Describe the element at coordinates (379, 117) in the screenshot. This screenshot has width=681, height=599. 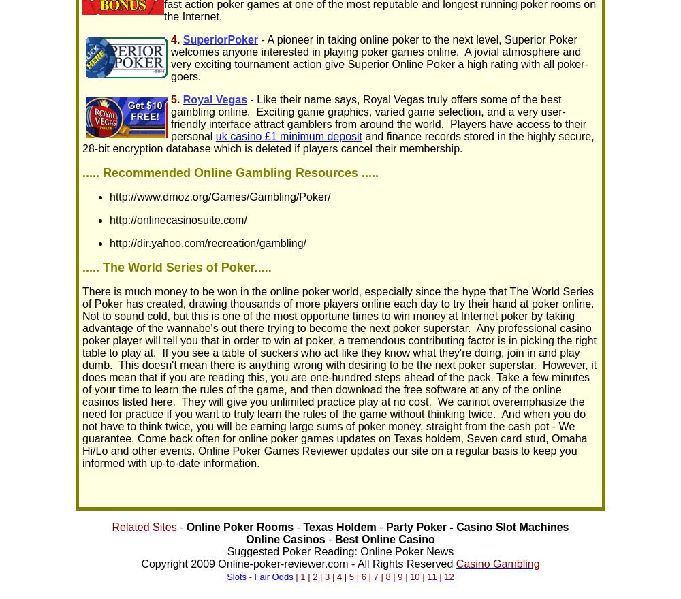
I see `'- Like their name says, Royal Vegas truly offers some of the best gambling online.  Exciting game graphics, varied game selection, and a very user-friendly interface attract gamblers from around the world.  Players have access to their personal'` at that location.